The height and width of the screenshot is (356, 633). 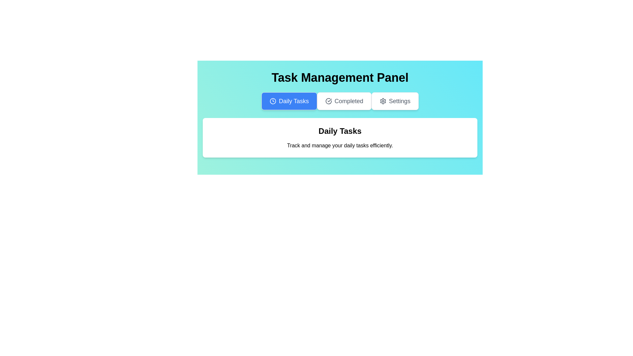 I want to click on the visual gear icon in the 'Settings' button group, which is the third button from the left in the button row below the 'Task Management Panel' header, so click(x=383, y=101).